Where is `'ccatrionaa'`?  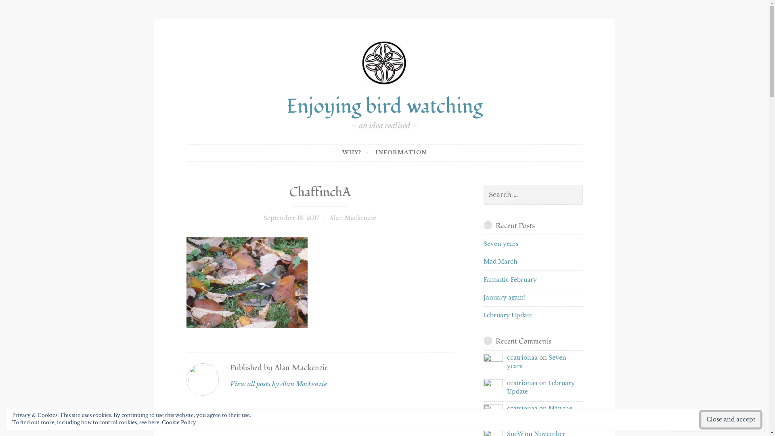
'ccatrionaa' is located at coordinates (484, 363).